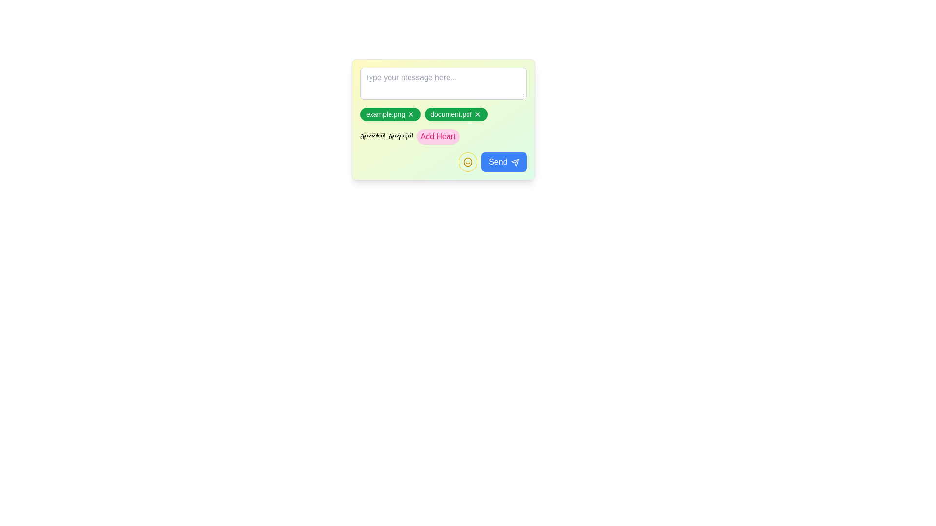  Describe the element at coordinates (504, 161) in the screenshot. I see `the 'Send' button with a blue background and white text, featuring a right-facing jet icon, to send the message` at that location.